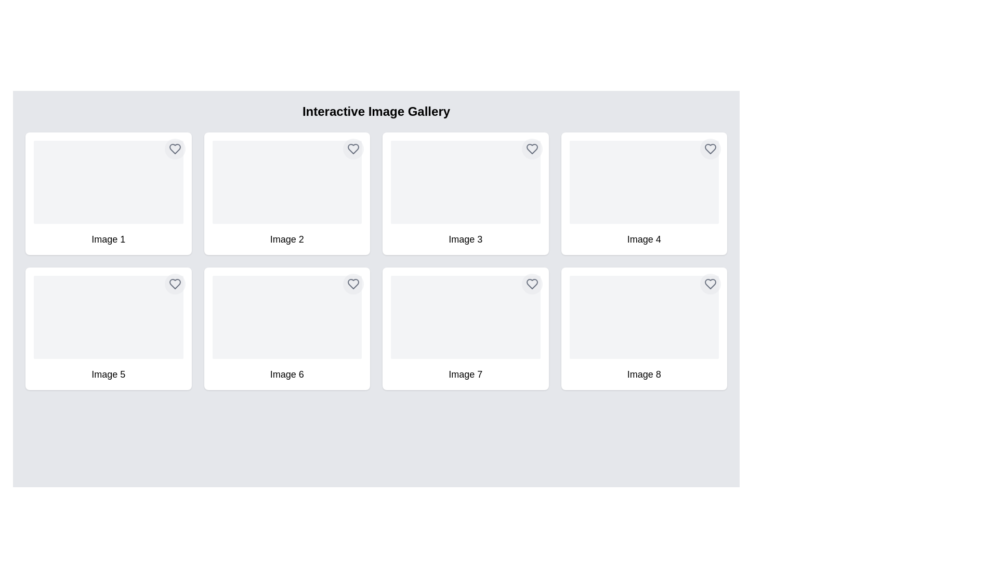 The image size is (998, 561). Describe the element at coordinates (532, 284) in the screenshot. I see `the heart-shaped icon located in the upper-right corner of the interactive card representing 'Image 7'` at that location.